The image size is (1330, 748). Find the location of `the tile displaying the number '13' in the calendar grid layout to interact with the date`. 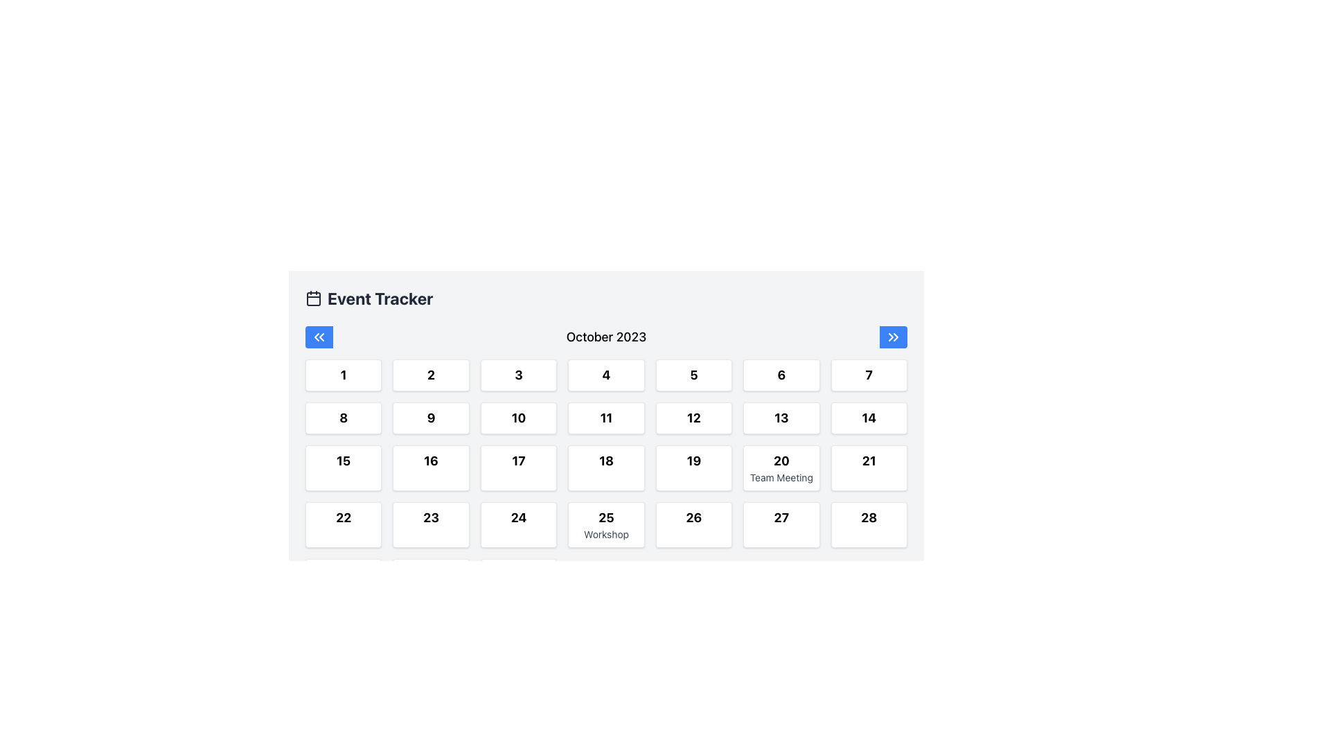

the tile displaying the number '13' in the calendar grid layout to interact with the date is located at coordinates (781, 418).